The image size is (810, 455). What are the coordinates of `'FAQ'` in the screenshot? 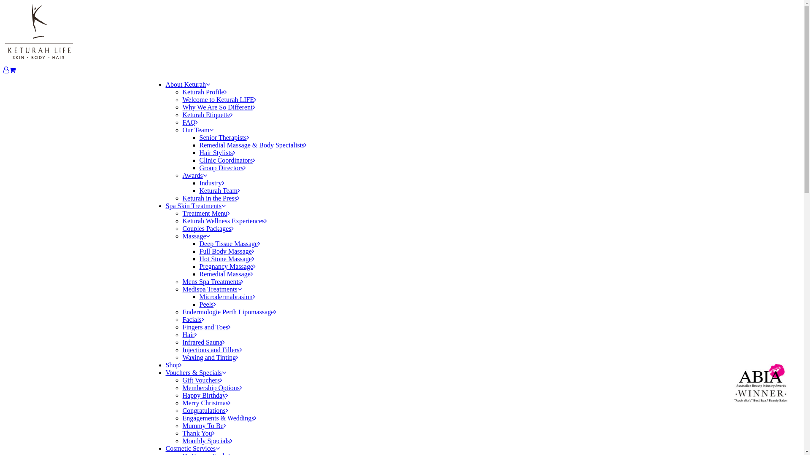 It's located at (189, 122).